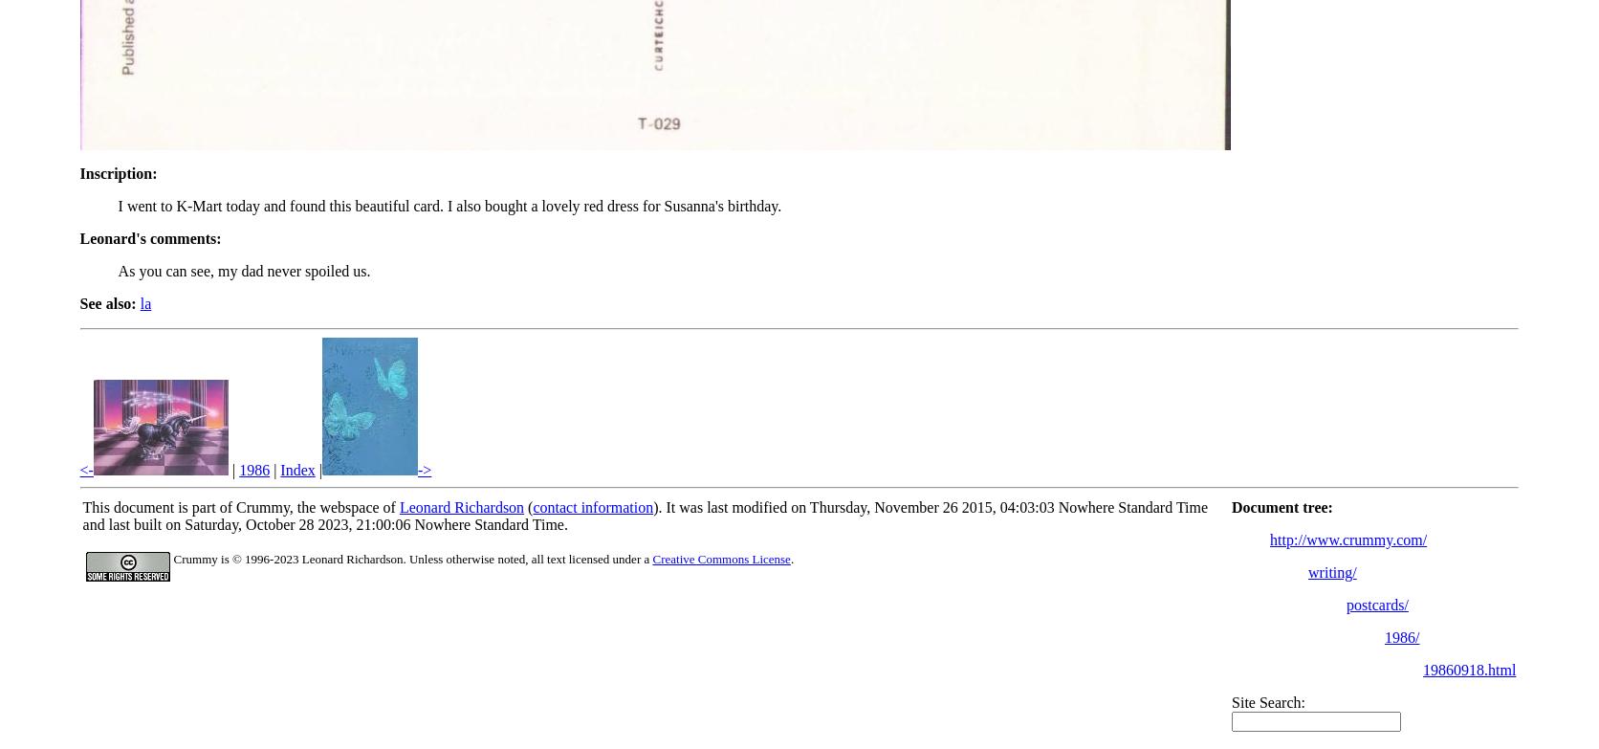 This screenshot has width=1599, height=749. Describe the element at coordinates (85, 469) in the screenshot. I see `'<-'` at that location.